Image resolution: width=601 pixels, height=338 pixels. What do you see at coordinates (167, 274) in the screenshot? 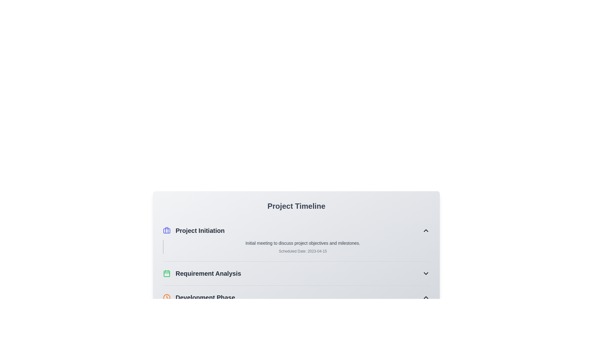
I see `the third graphical component of the calendar icon, which is a rounded rectangle representing part of the calendar structure` at bounding box center [167, 274].